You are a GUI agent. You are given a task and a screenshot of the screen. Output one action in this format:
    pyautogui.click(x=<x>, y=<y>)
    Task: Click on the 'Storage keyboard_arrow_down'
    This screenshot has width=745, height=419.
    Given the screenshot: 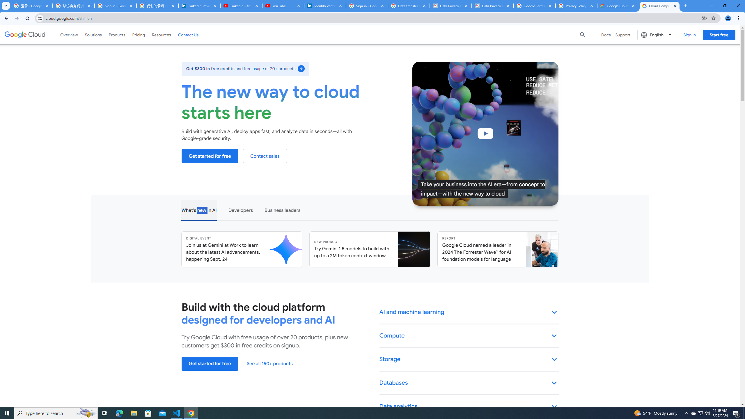 What is the action you would take?
    pyautogui.click(x=469, y=360)
    